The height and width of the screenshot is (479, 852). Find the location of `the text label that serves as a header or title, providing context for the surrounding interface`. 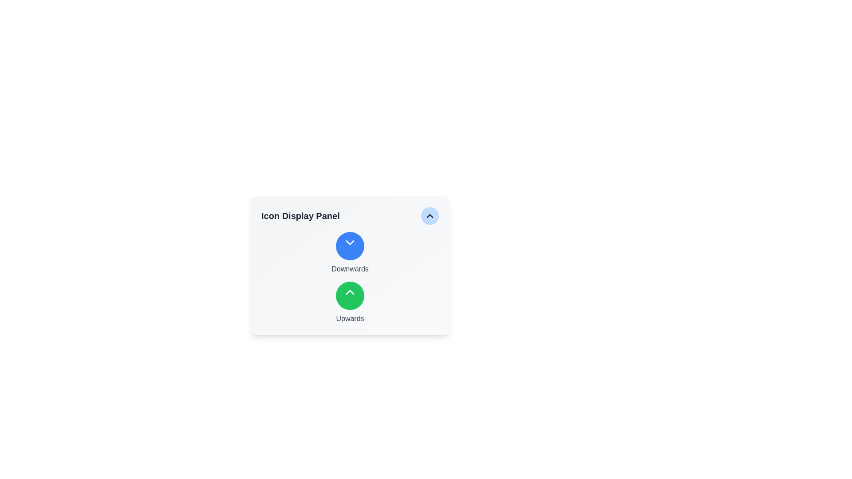

the text label that serves as a header or title, providing context for the surrounding interface is located at coordinates (300, 216).